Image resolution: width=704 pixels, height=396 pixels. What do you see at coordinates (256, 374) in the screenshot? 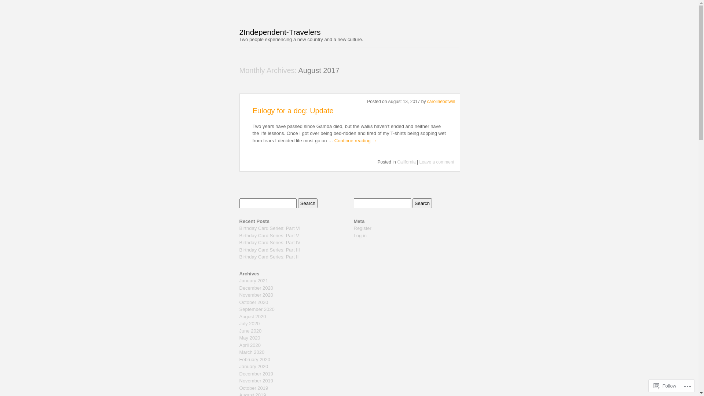
I see `'December 2019'` at bounding box center [256, 374].